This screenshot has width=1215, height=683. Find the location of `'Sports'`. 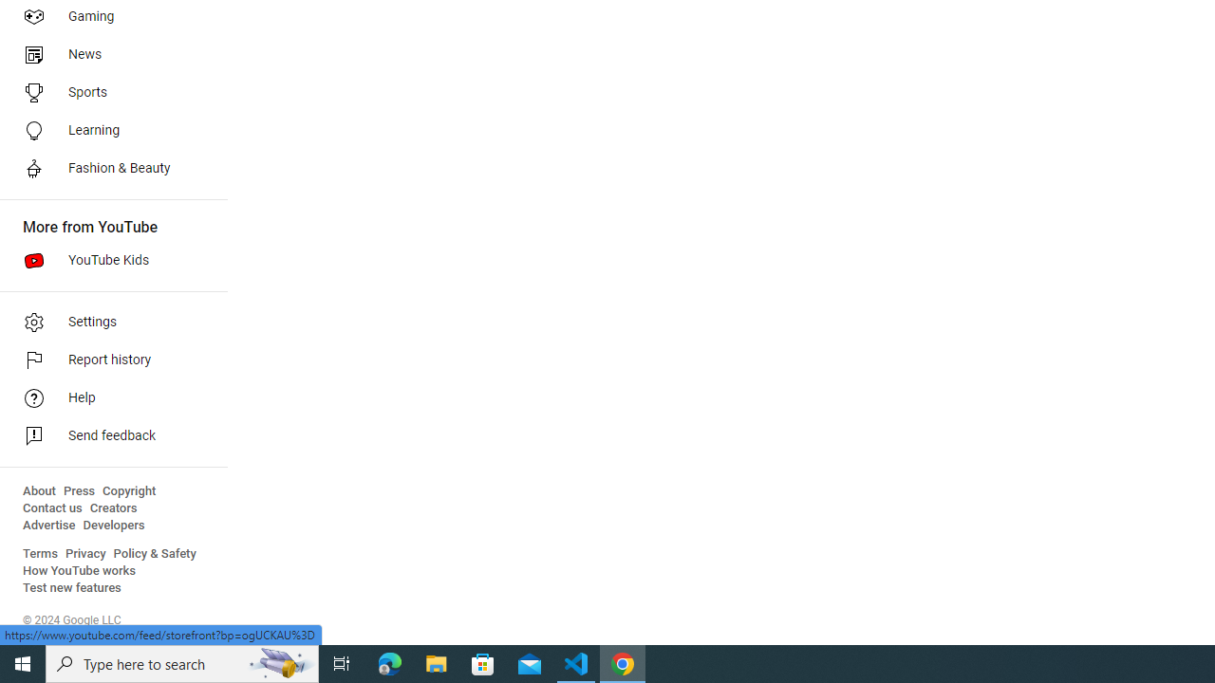

'Sports' is located at coordinates (106, 92).